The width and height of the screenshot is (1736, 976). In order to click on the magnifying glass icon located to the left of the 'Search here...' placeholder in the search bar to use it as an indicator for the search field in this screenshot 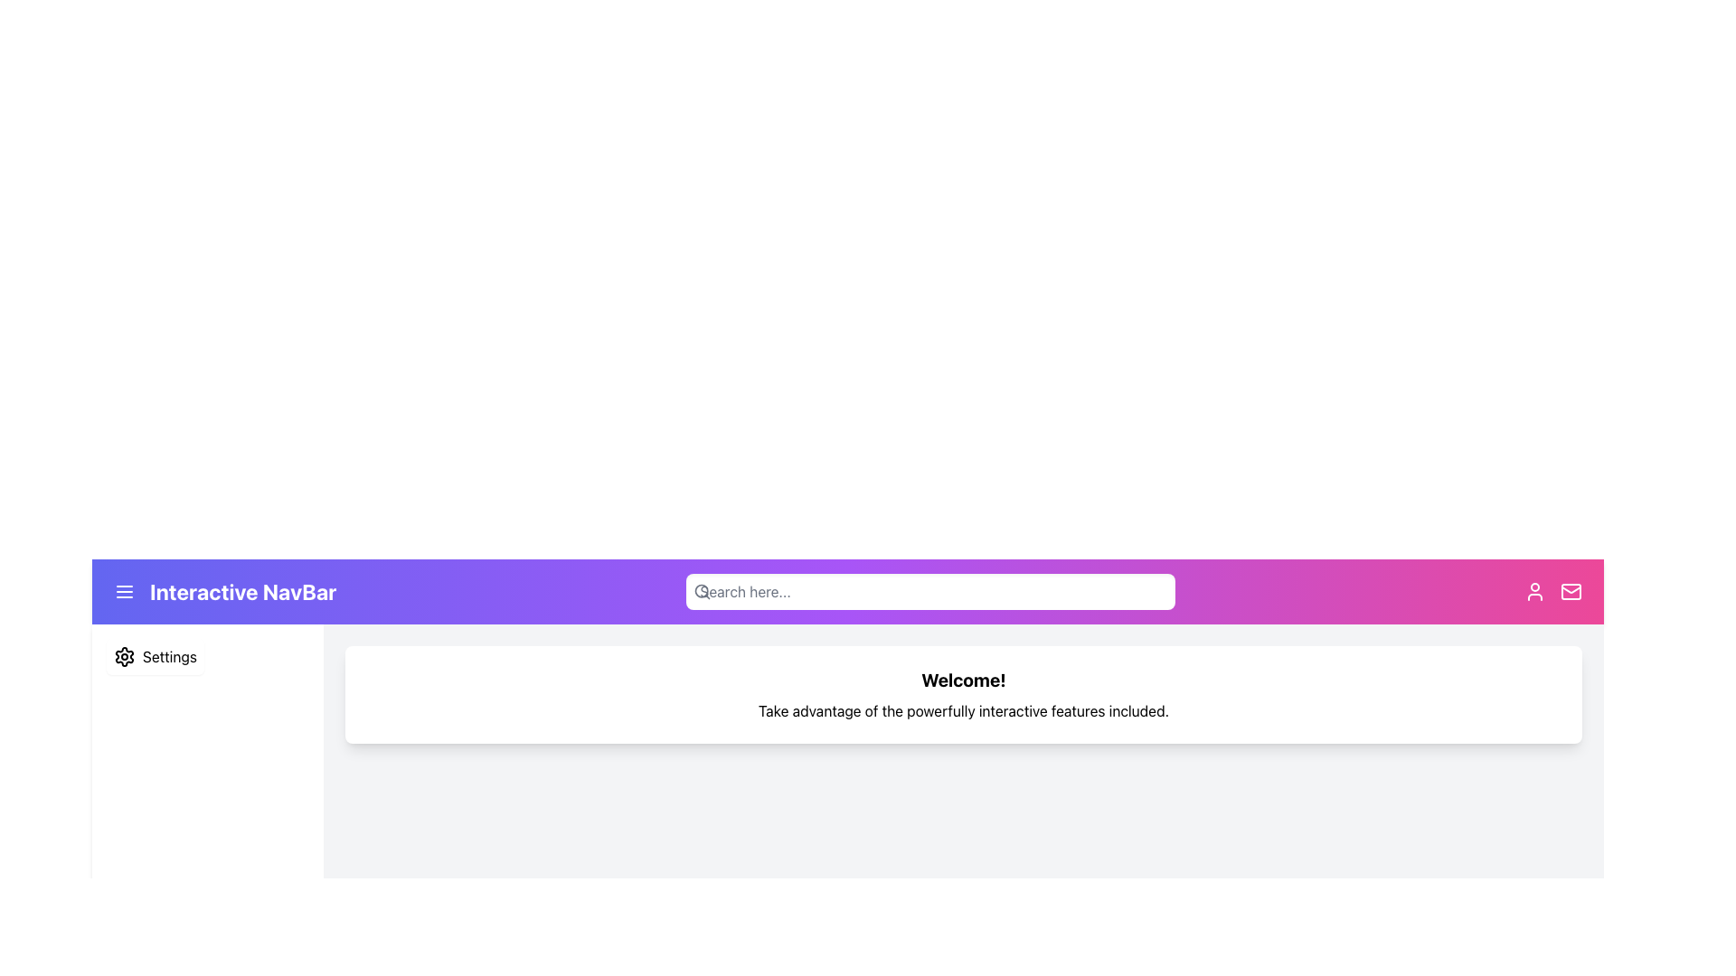, I will do `click(701, 592)`.